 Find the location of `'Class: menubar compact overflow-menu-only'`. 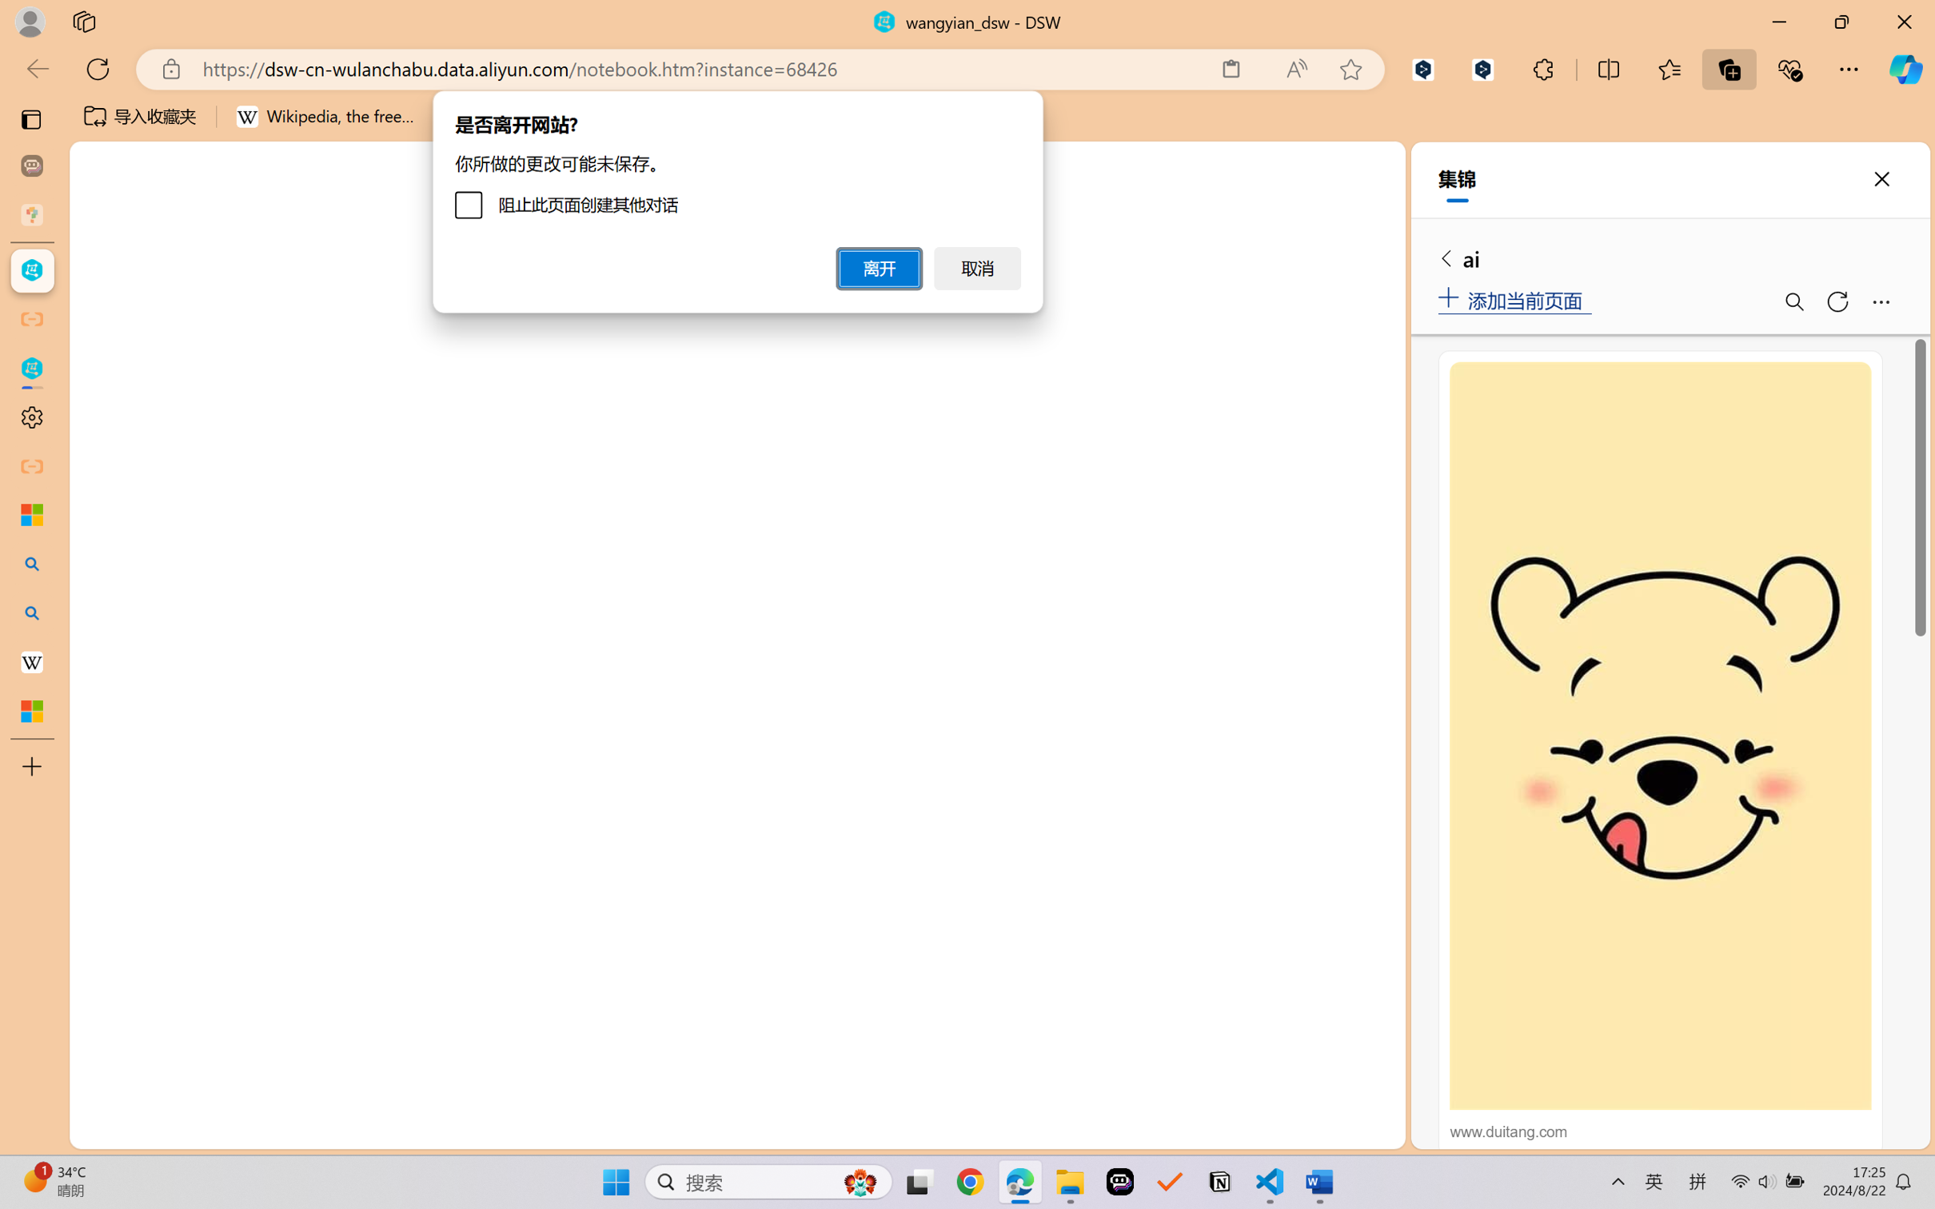

'Class: menubar compact overflow-menu-only' is located at coordinates (102, 269).